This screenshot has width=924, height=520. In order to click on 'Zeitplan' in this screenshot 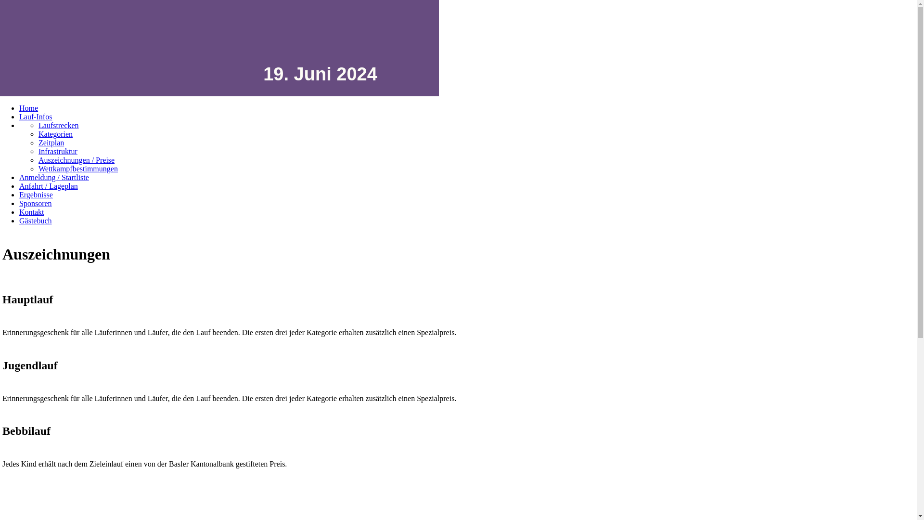, I will do `click(51, 143)`.